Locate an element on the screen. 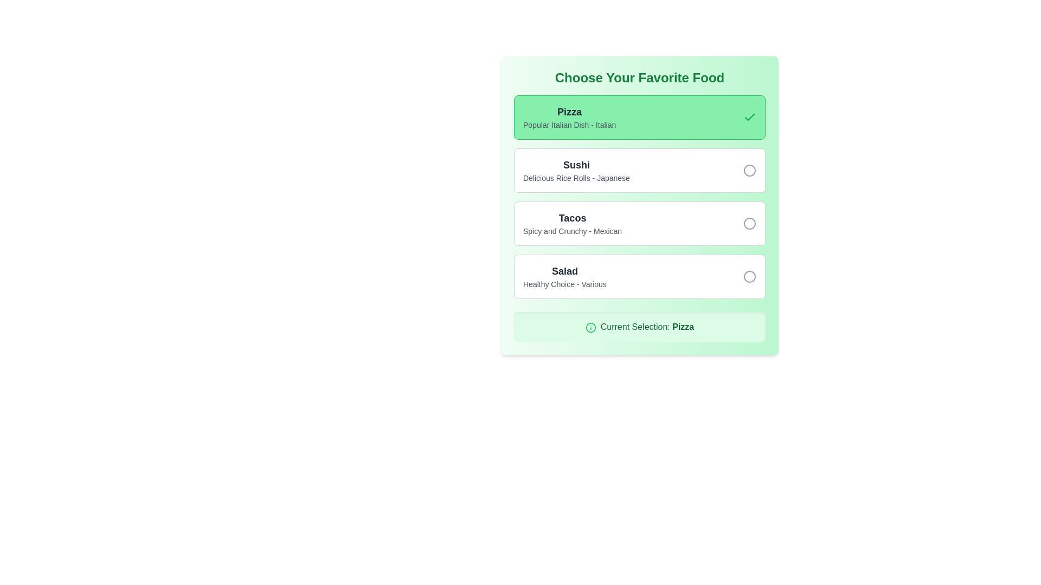  supplementary text element displaying 'Popular Italian Dish - Italian' located below the 'Pizza' heading in the food options list is located at coordinates (569, 125).